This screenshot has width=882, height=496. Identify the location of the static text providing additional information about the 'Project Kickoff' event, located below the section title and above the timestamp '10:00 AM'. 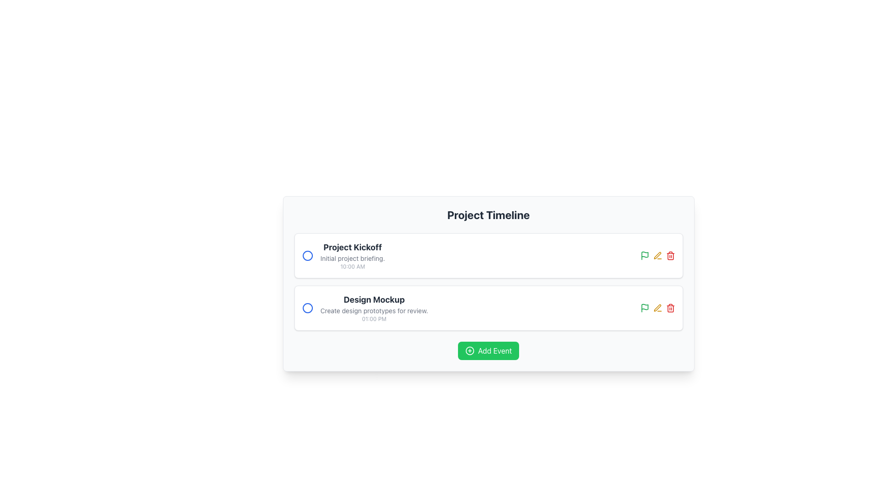
(352, 259).